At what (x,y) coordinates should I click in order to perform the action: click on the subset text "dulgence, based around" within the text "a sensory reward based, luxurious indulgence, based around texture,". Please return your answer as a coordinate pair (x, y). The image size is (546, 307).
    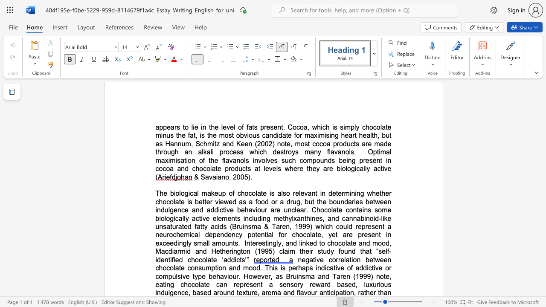
    Looking at the image, I should click on (160, 292).